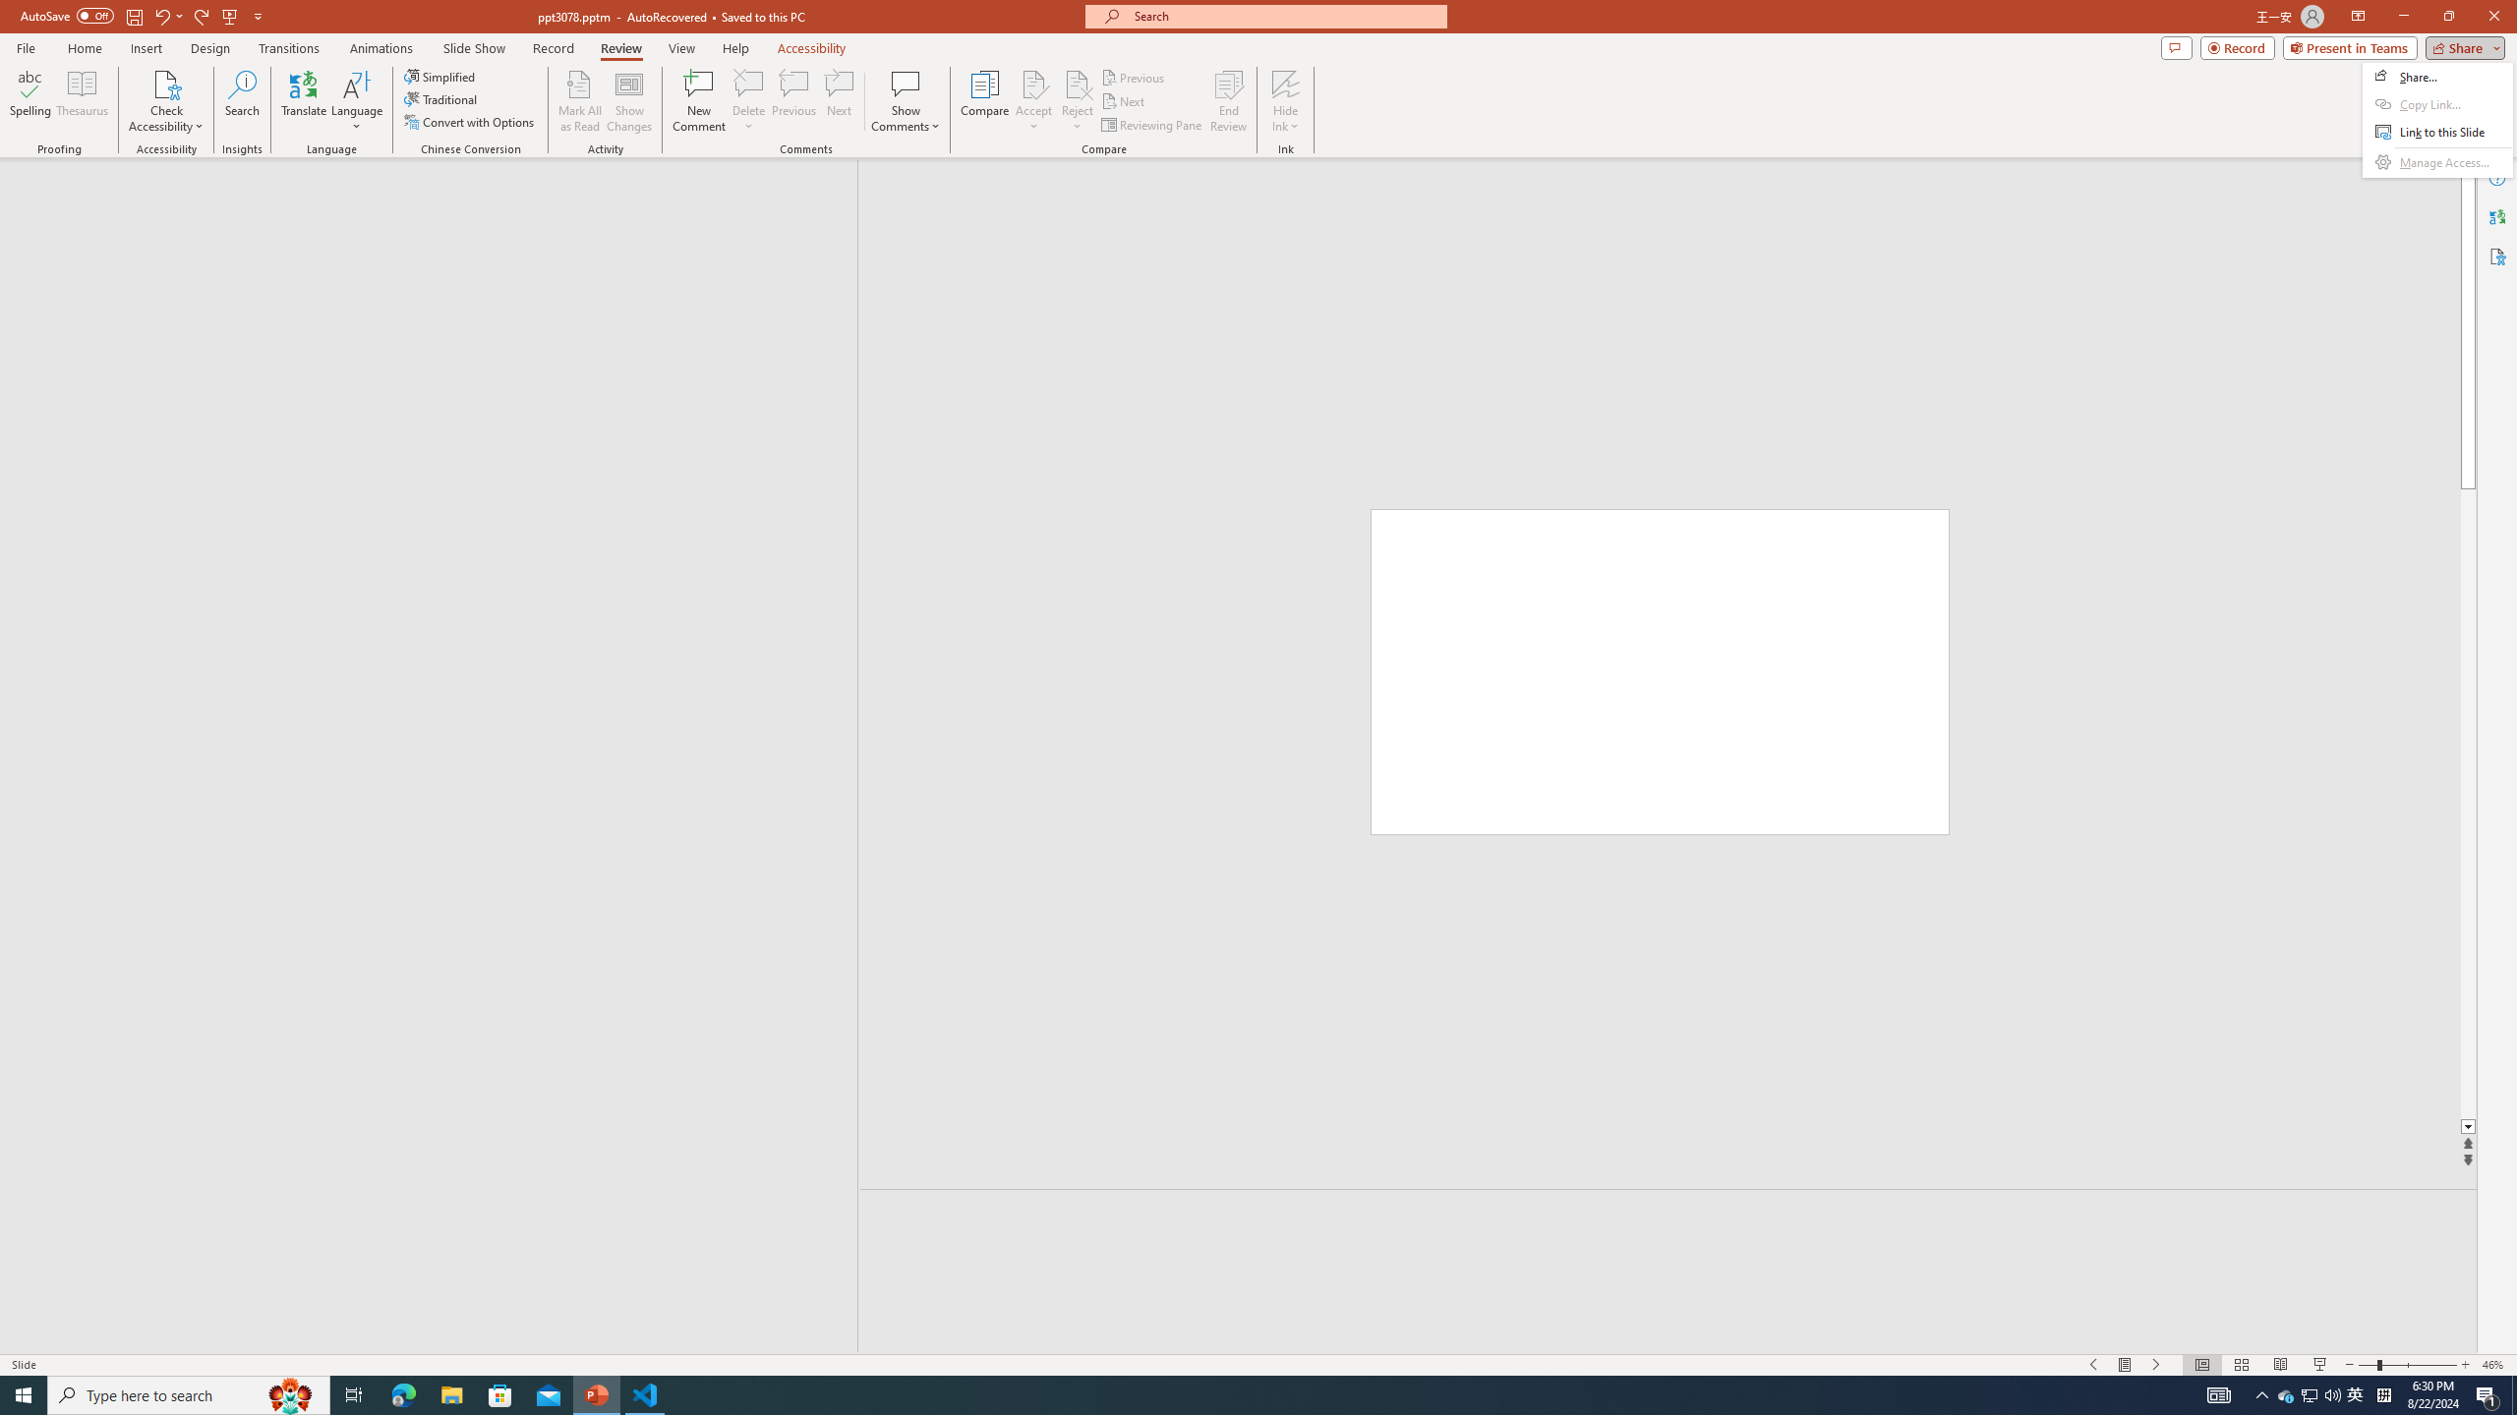 The height and width of the screenshot is (1415, 2517). What do you see at coordinates (985, 101) in the screenshot?
I see `'Compare'` at bounding box center [985, 101].